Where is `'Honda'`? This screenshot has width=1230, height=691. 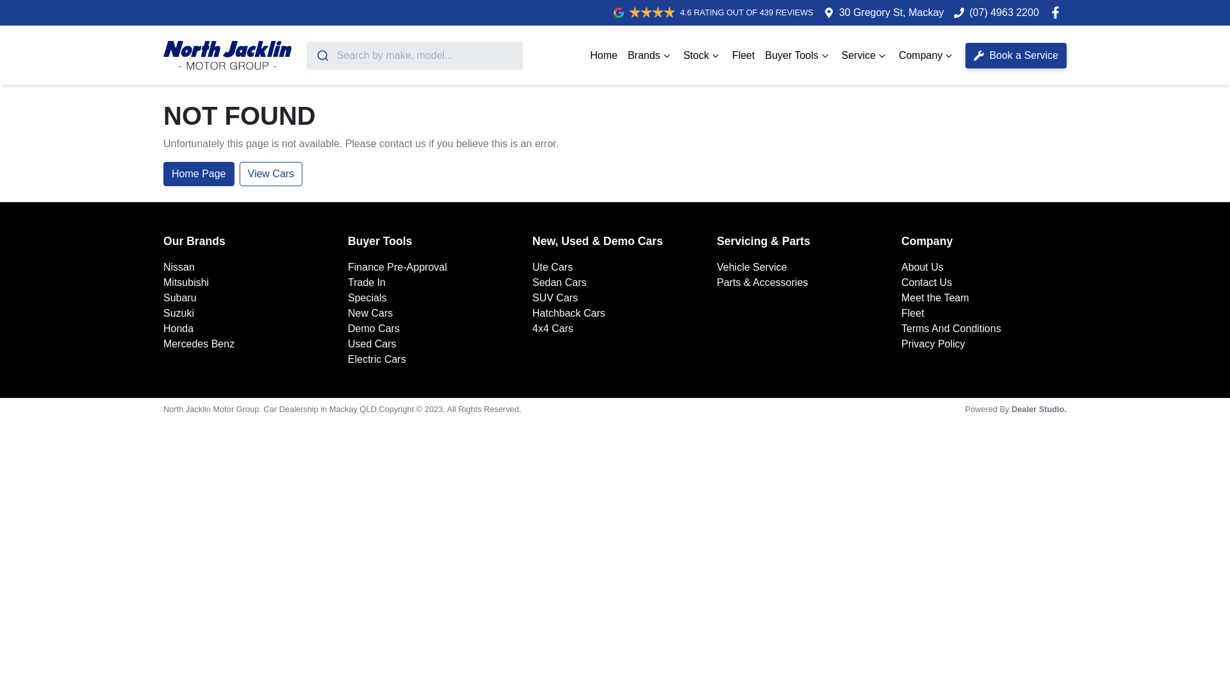 'Honda' is located at coordinates (177, 328).